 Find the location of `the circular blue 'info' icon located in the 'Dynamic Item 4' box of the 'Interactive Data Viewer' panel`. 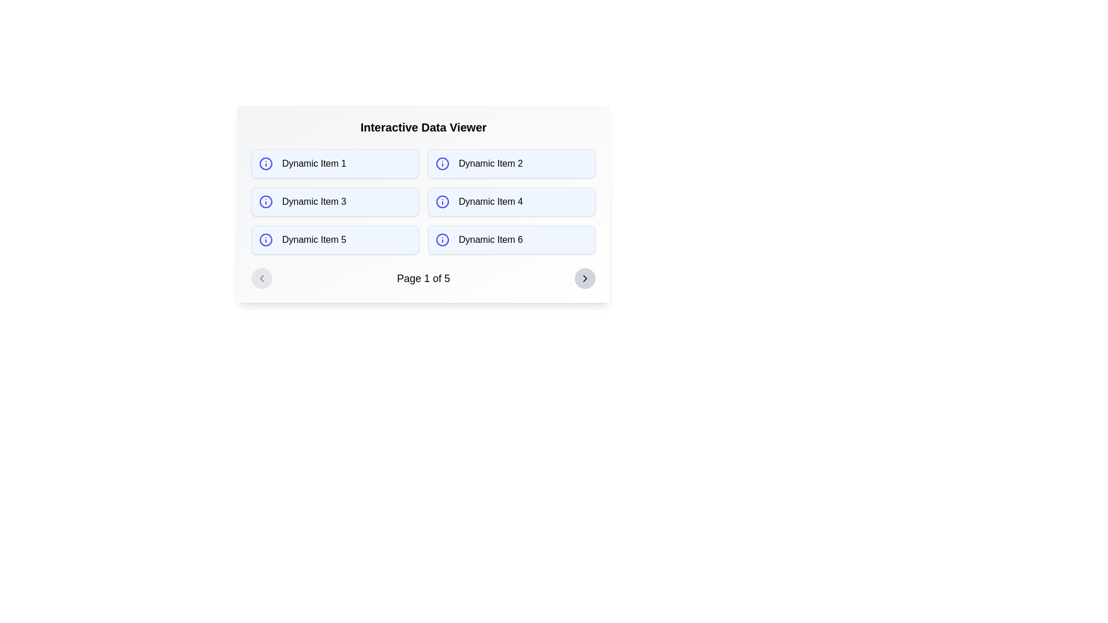

the circular blue 'info' icon located in the 'Dynamic Item 4' box of the 'Interactive Data Viewer' panel is located at coordinates (442, 201).